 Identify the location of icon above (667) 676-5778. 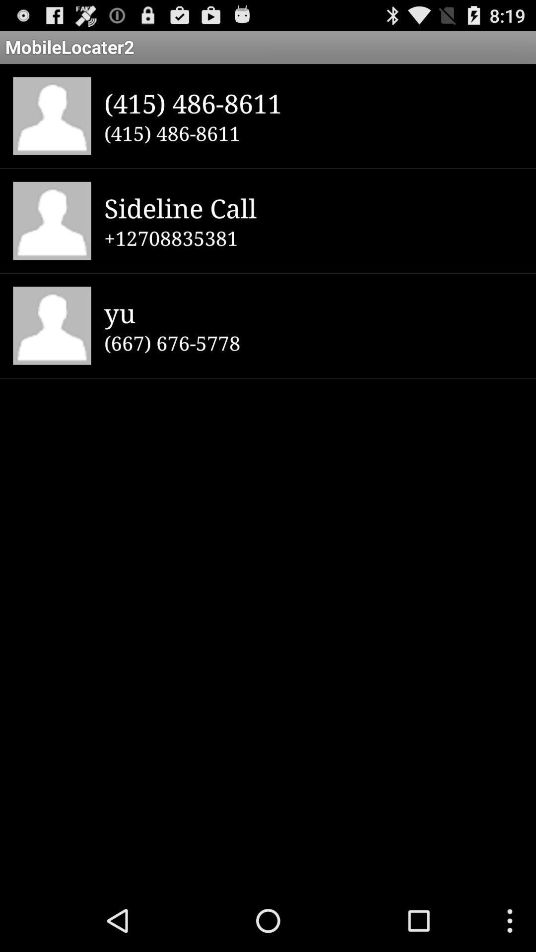
(313, 312).